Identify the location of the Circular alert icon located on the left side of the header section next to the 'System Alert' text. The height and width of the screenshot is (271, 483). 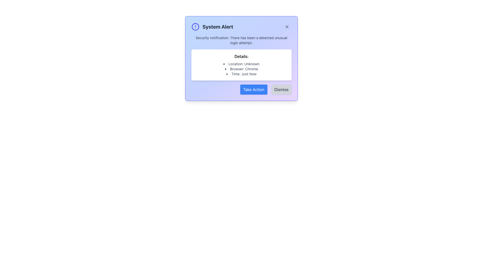
(195, 27).